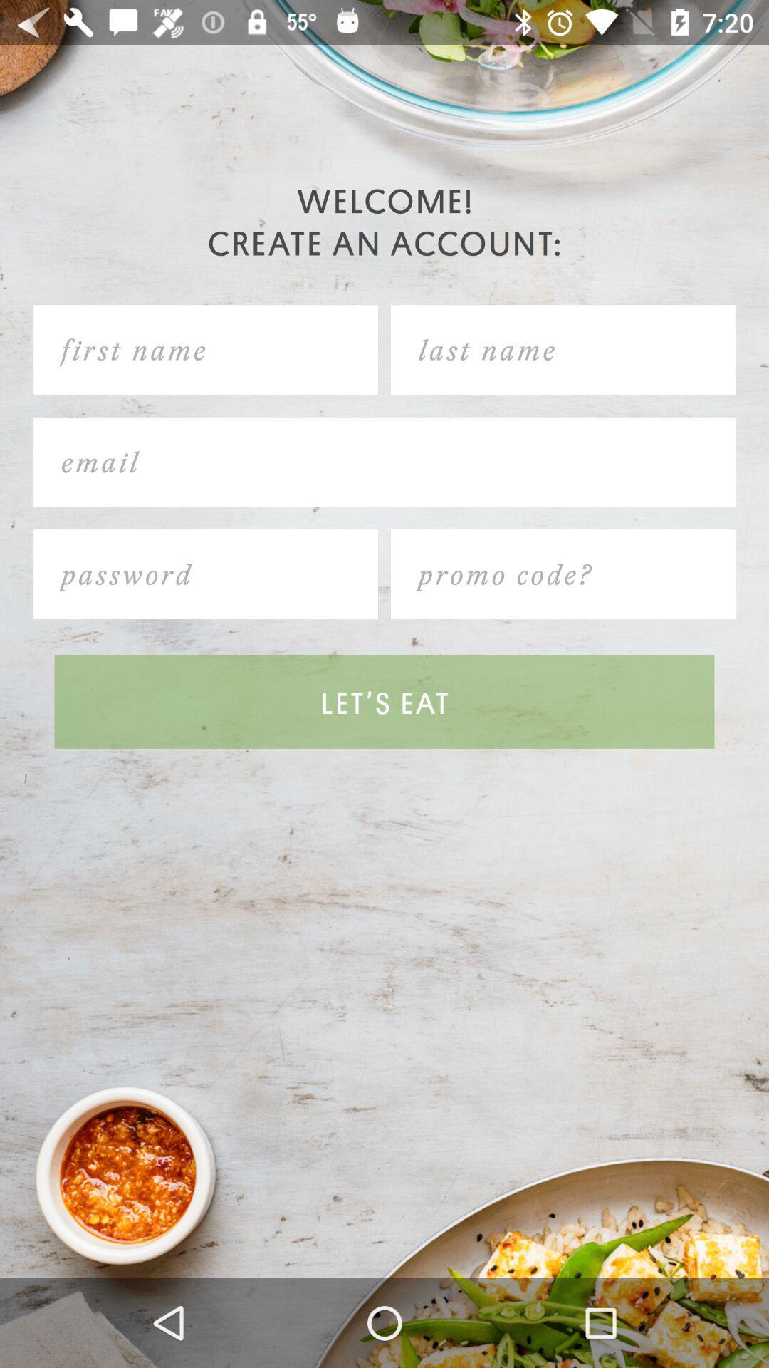 This screenshot has height=1368, width=769. I want to click on password, so click(206, 574).